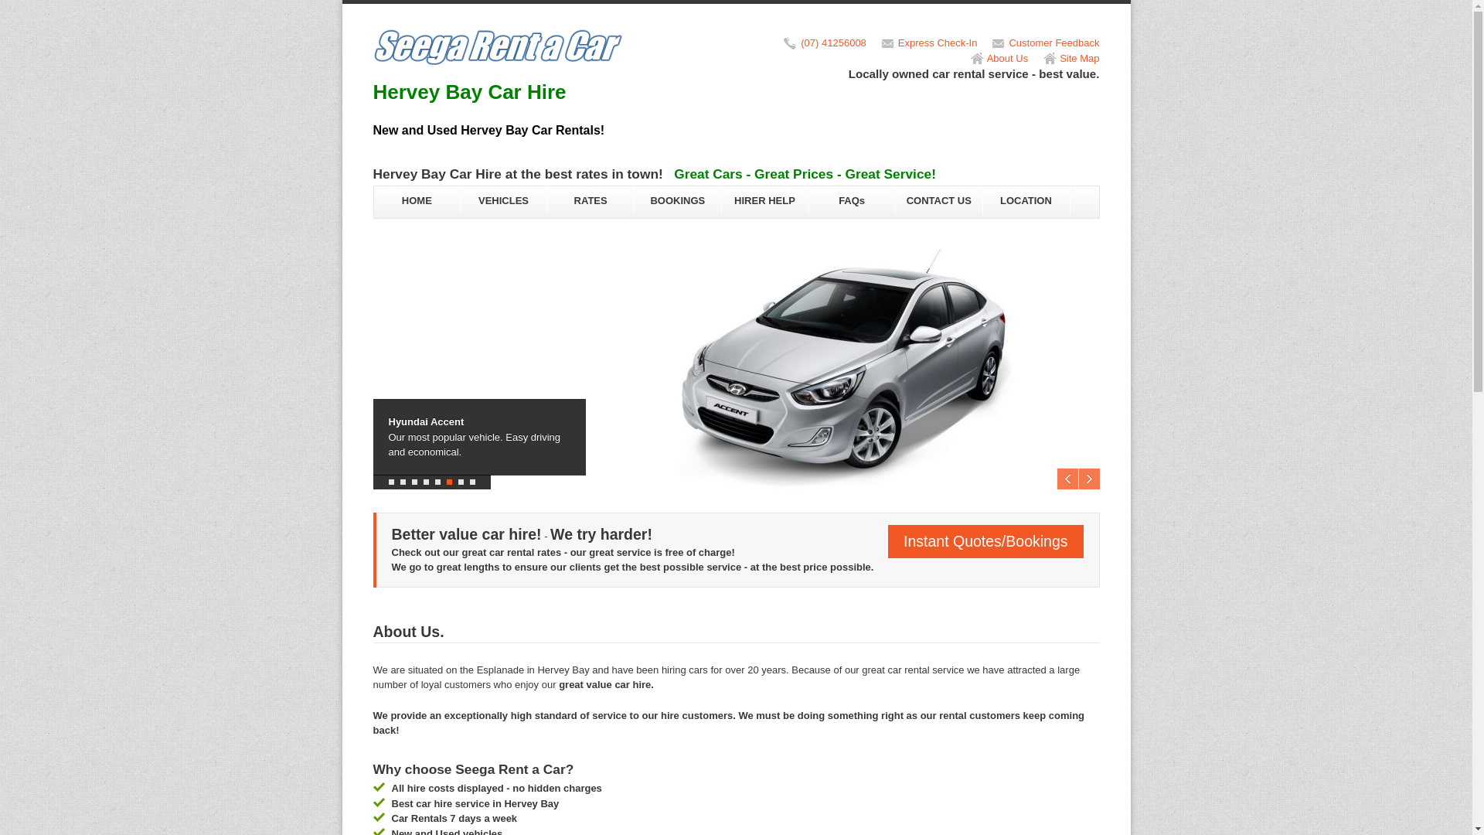  What do you see at coordinates (416, 199) in the screenshot?
I see `'HOME'` at bounding box center [416, 199].